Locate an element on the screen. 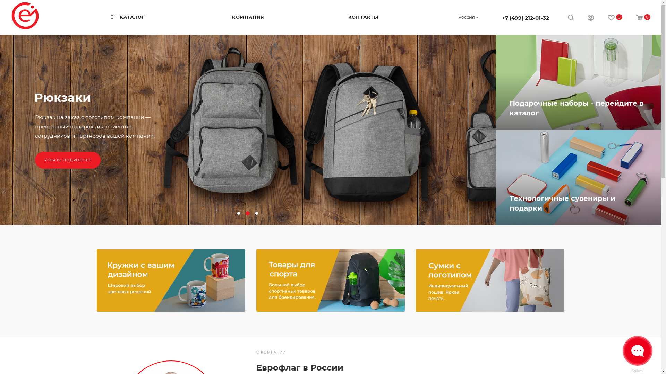  '0' is located at coordinates (615, 18).